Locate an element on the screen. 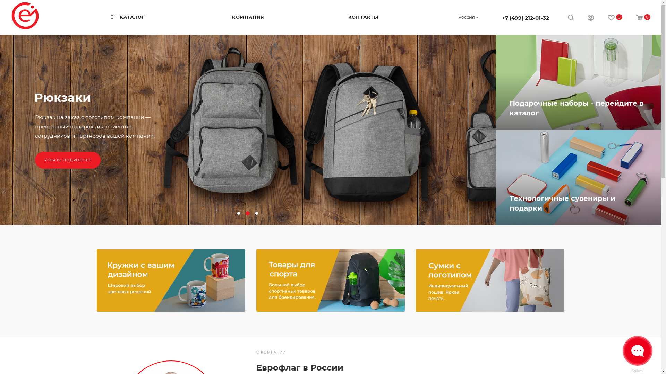  '0' is located at coordinates (615, 18).